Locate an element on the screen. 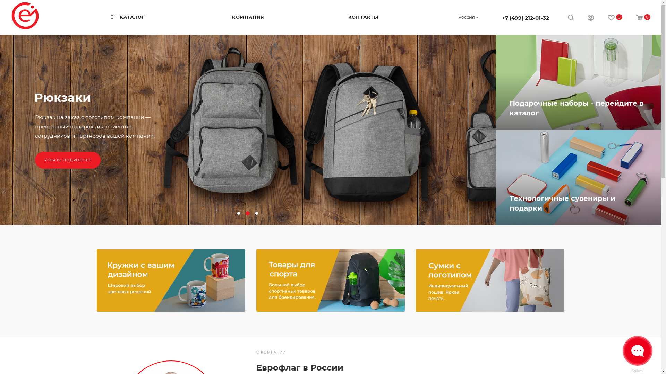  '0' is located at coordinates (615, 18).